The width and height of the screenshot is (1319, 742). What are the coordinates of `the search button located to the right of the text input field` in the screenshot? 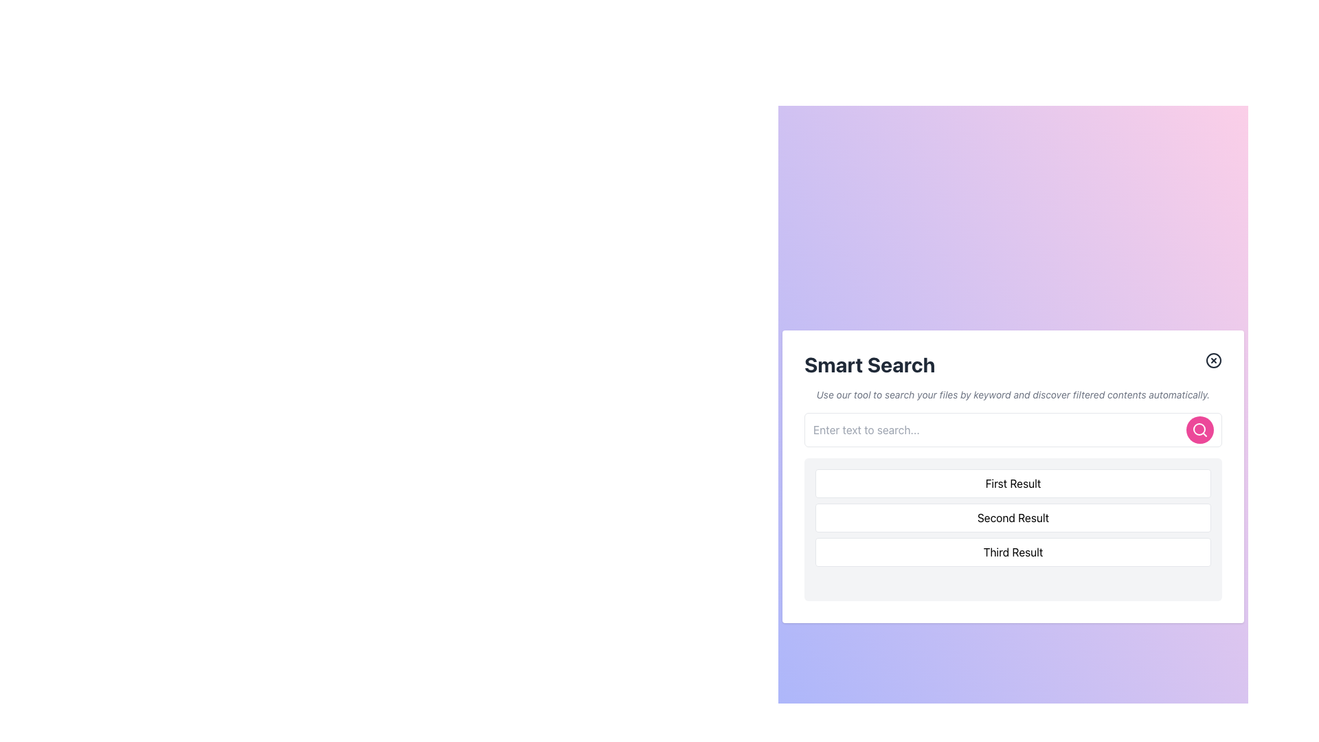 It's located at (1199, 429).